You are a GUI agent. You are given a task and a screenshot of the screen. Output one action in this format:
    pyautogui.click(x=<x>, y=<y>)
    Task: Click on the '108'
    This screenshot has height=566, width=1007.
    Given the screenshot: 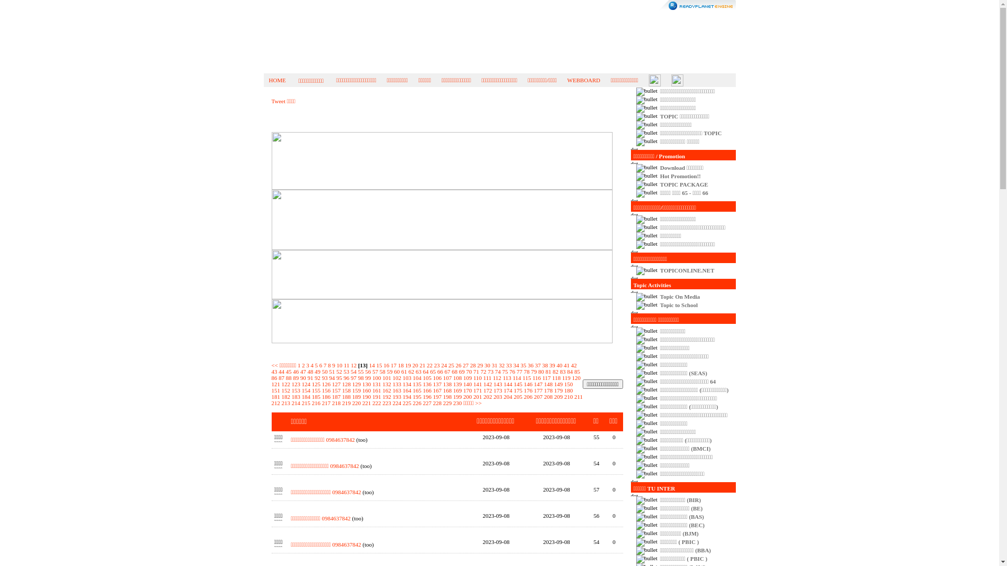 What is the action you would take?
    pyautogui.click(x=457, y=378)
    